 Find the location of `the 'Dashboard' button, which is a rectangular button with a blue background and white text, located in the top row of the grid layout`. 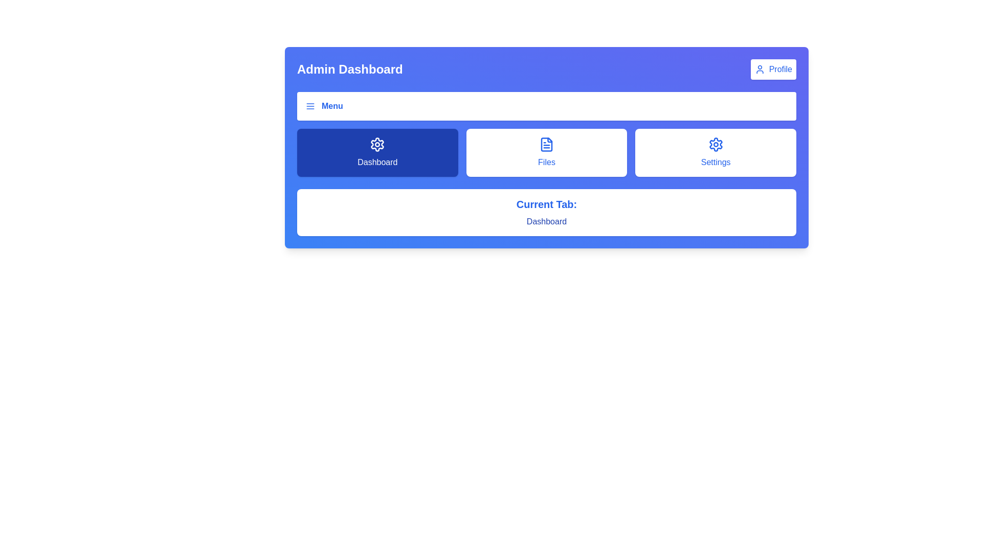

the 'Dashboard' button, which is a rectangular button with a blue background and white text, located in the top row of the grid layout is located at coordinates (377, 153).